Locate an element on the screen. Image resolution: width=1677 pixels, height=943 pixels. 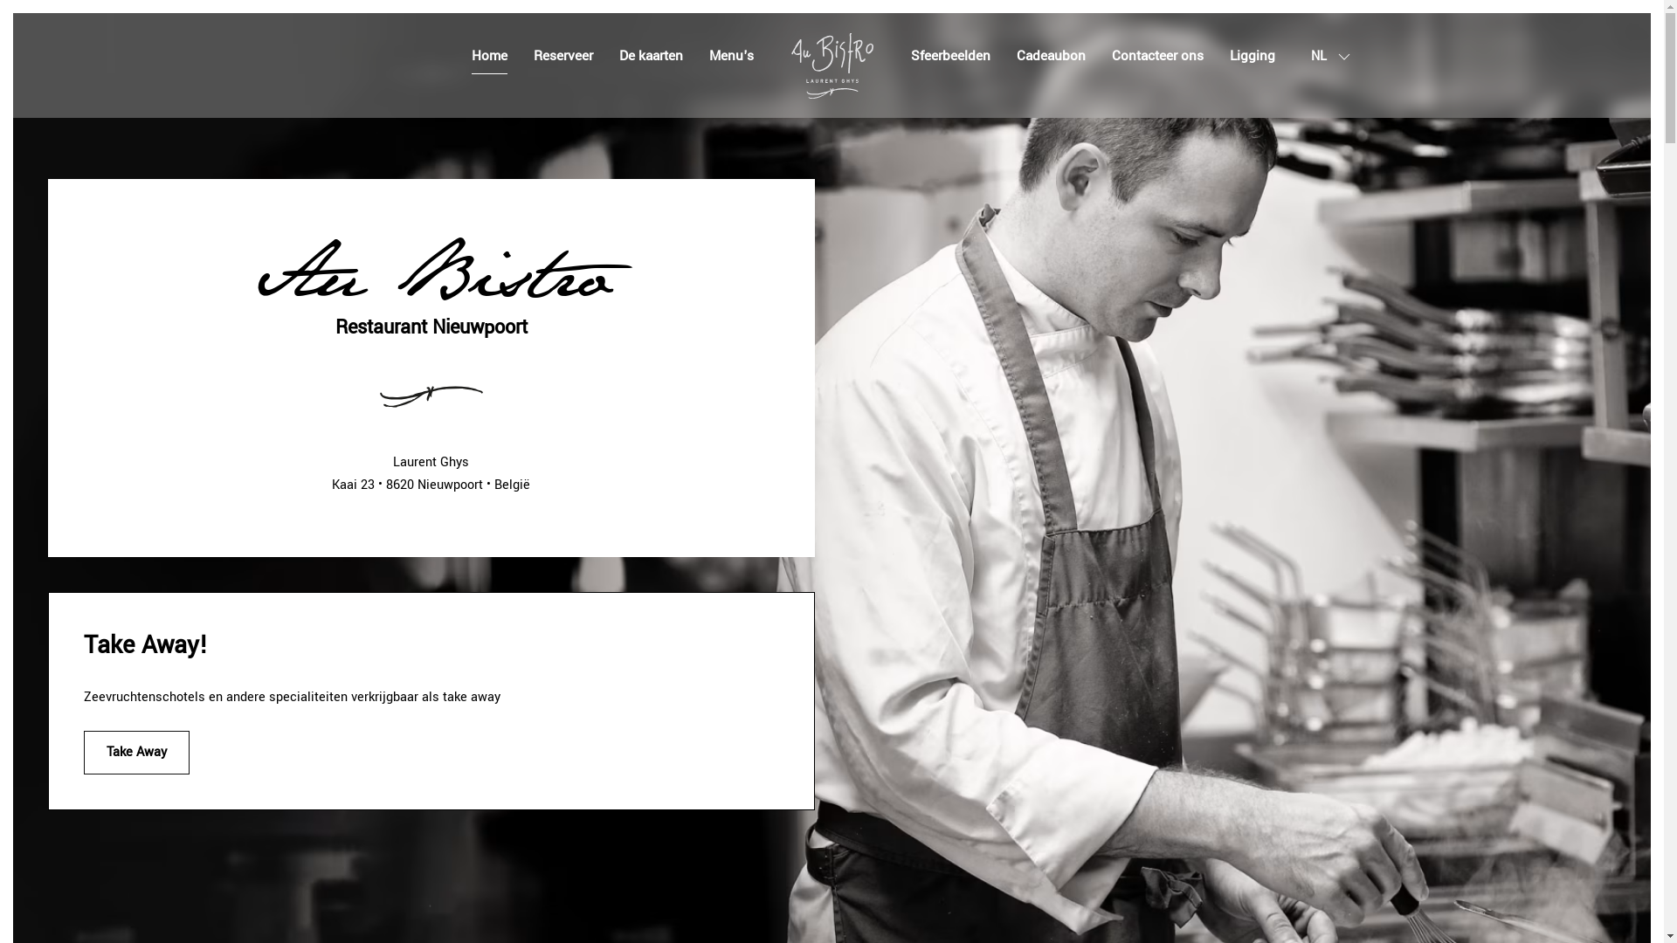
'Menu's' is located at coordinates (708, 56).